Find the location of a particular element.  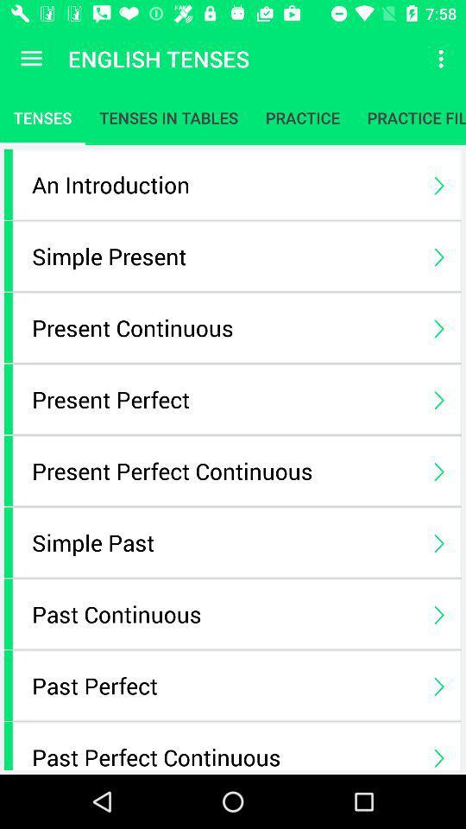

the item above the practice fill up is located at coordinates (443, 59).